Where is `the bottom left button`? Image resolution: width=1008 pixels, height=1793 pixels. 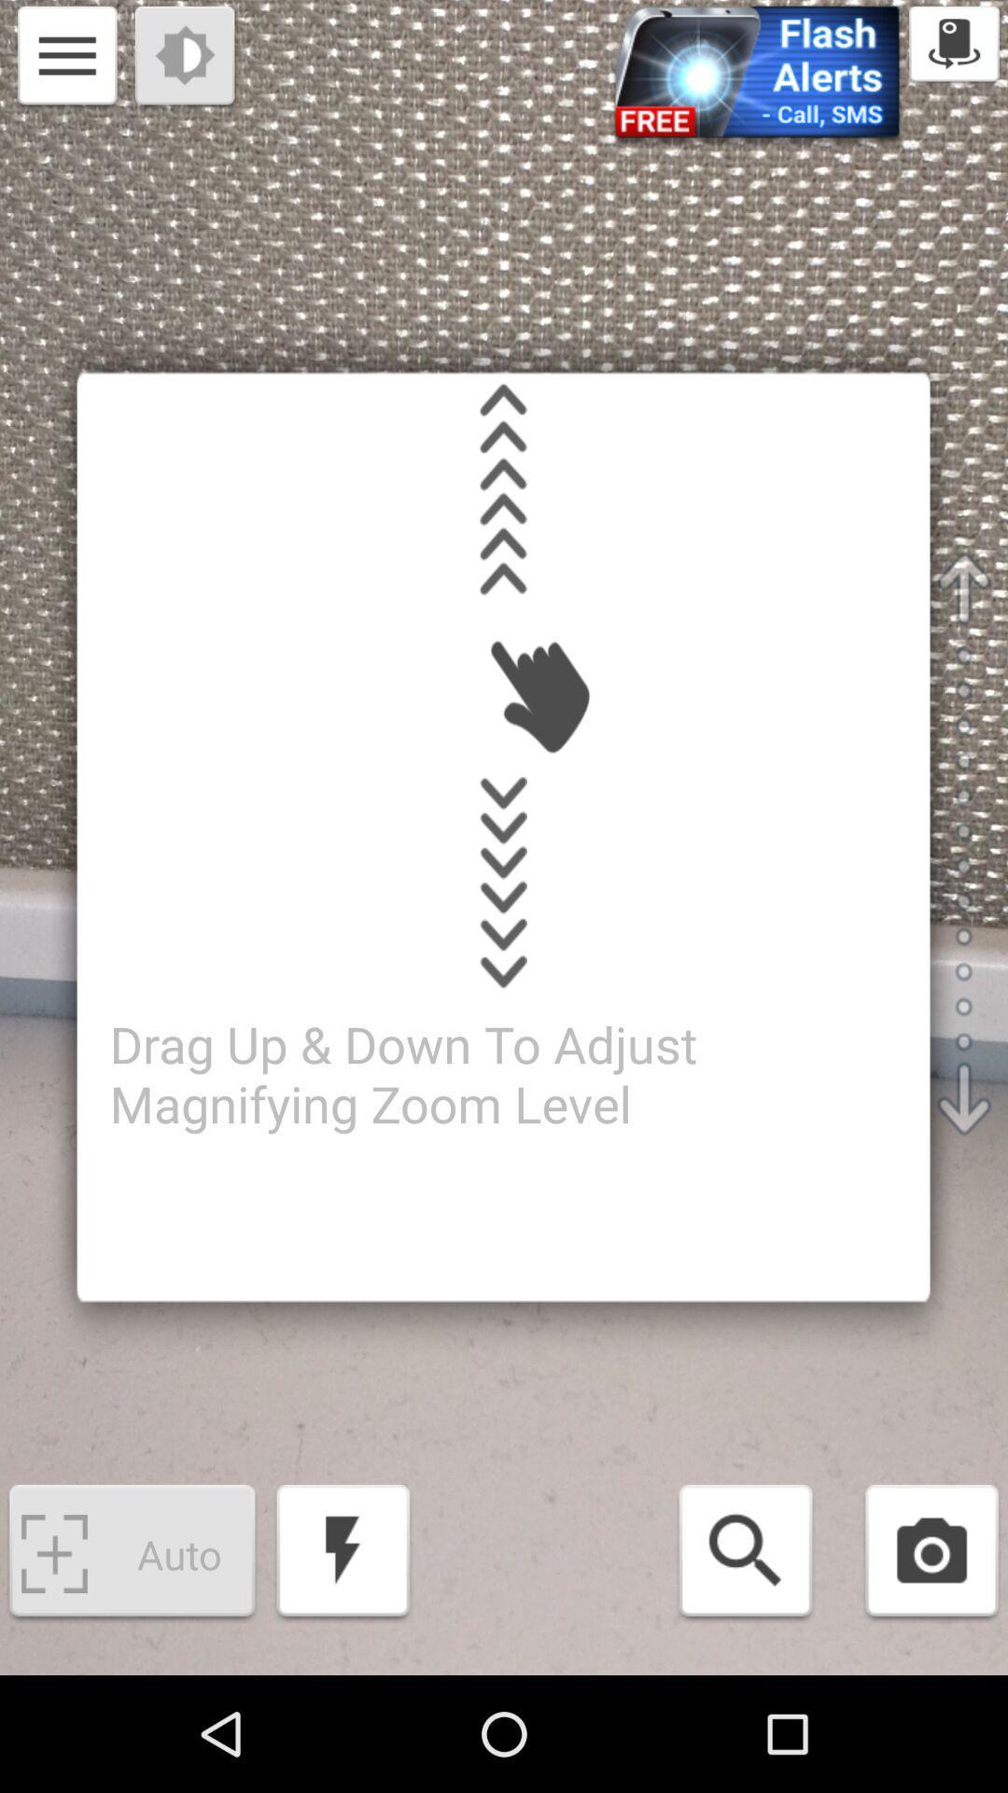 the bottom left button is located at coordinates (132, 1554).